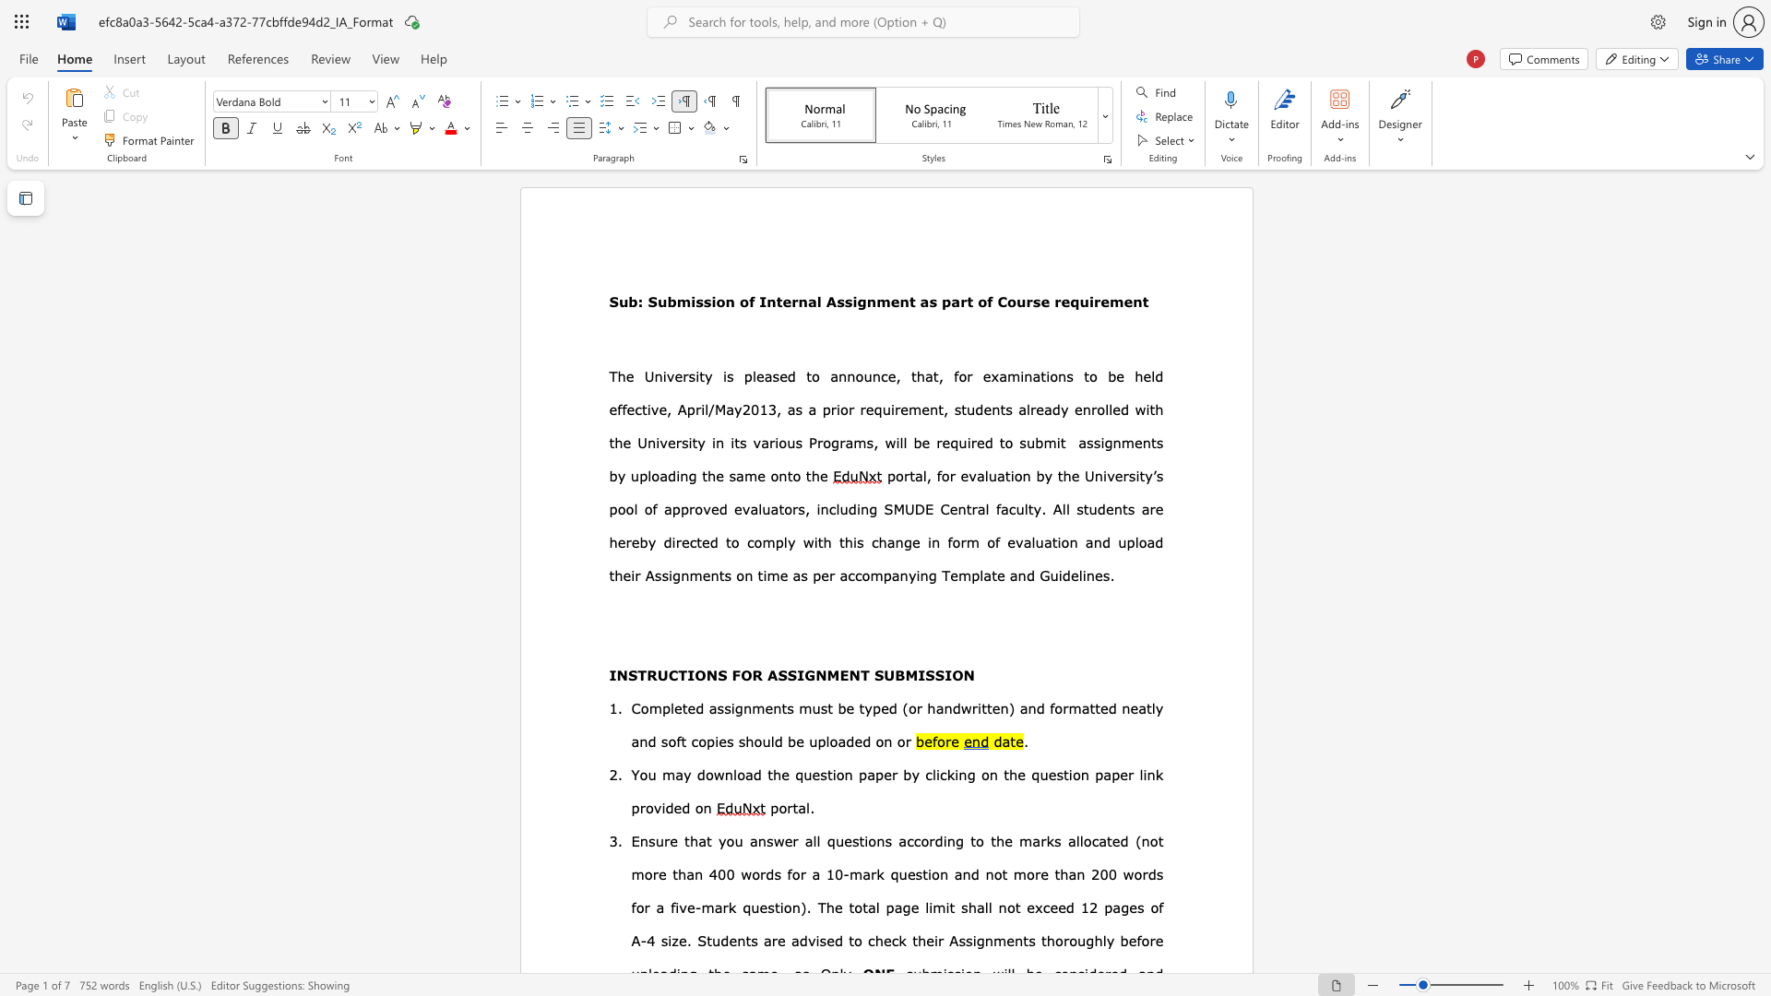  I want to click on the subset text "Students a" within the text "Students are", so click(696, 940).